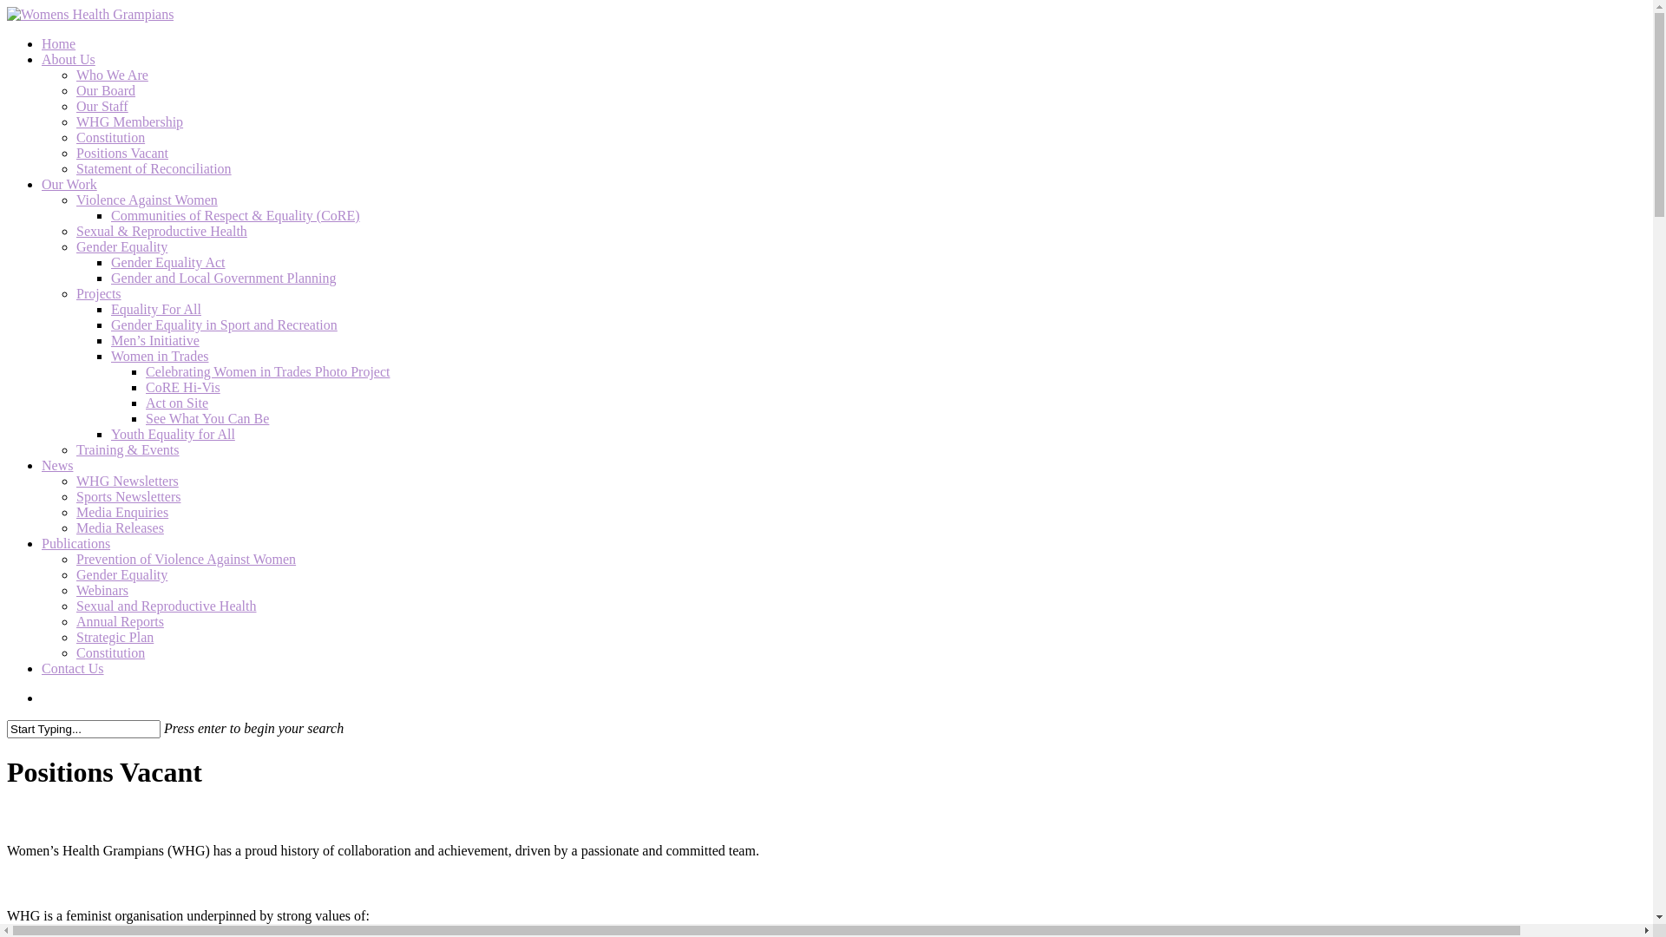  Describe the element at coordinates (75, 542) in the screenshot. I see `'Publications'` at that location.